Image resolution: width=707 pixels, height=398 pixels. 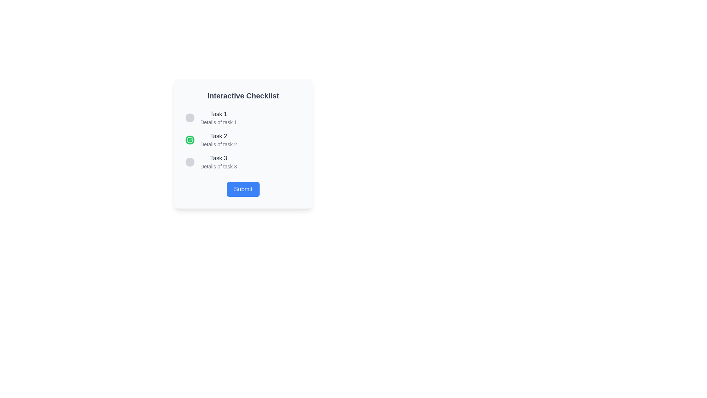 What do you see at coordinates (218, 158) in the screenshot?
I see `the static text label that reads 'Task 3', which is the title of the third checklist item in a vertically stacked list within a checklist interface` at bounding box center [218, 158].